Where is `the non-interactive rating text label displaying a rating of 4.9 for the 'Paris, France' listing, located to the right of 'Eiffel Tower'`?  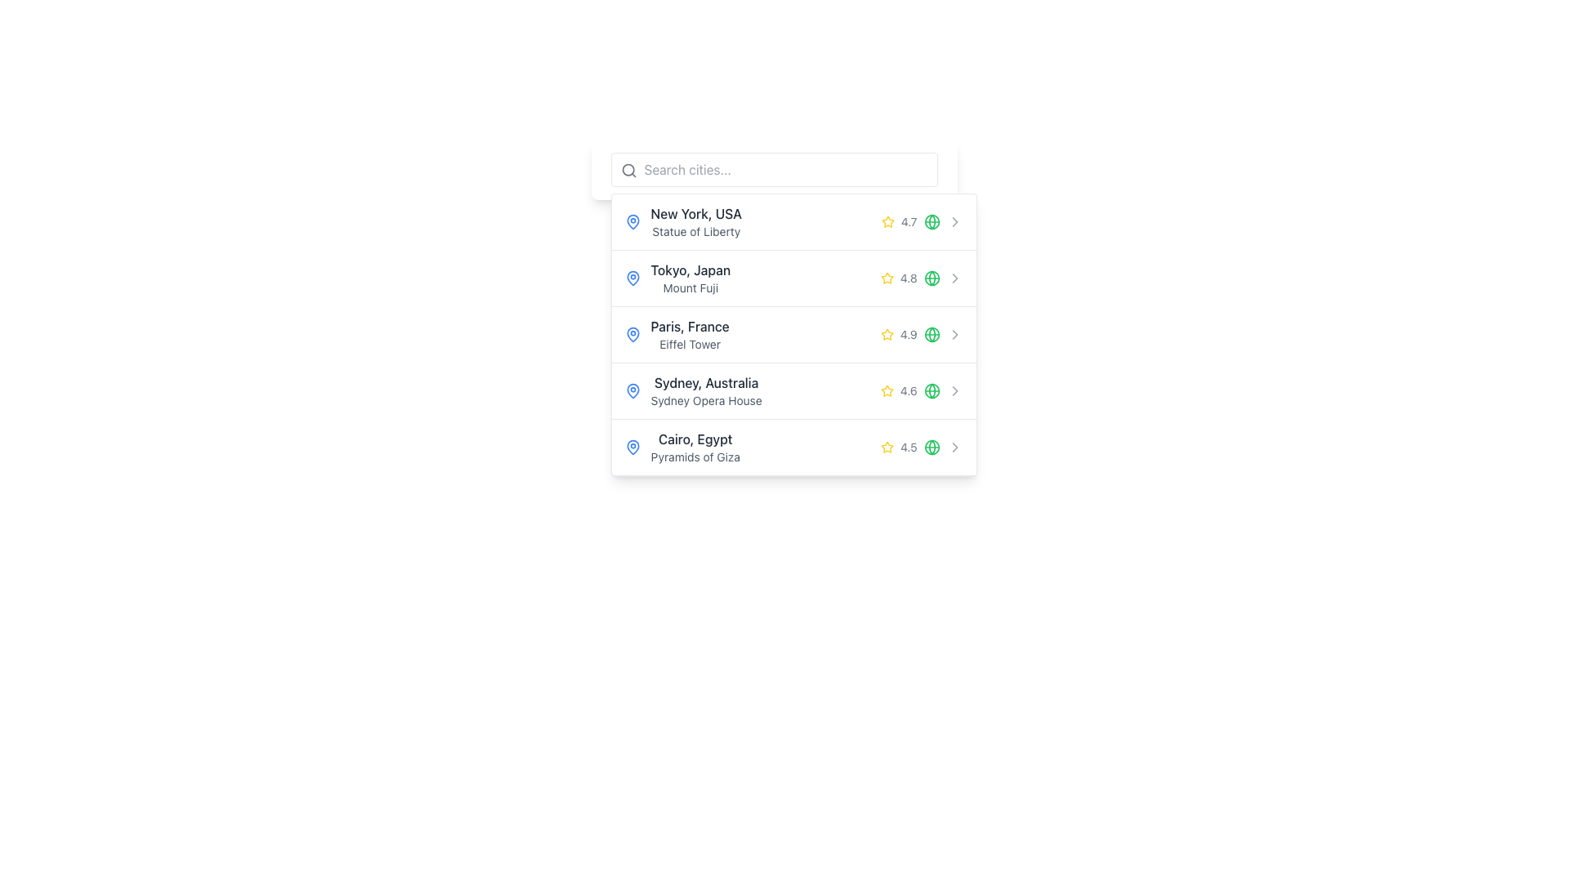 the non-interactive rating text label displaying a rating of 4.9 for the 'Paris, France' listing, located to the right of 'Eiffel Tower' is located at coordinates (910, 333).